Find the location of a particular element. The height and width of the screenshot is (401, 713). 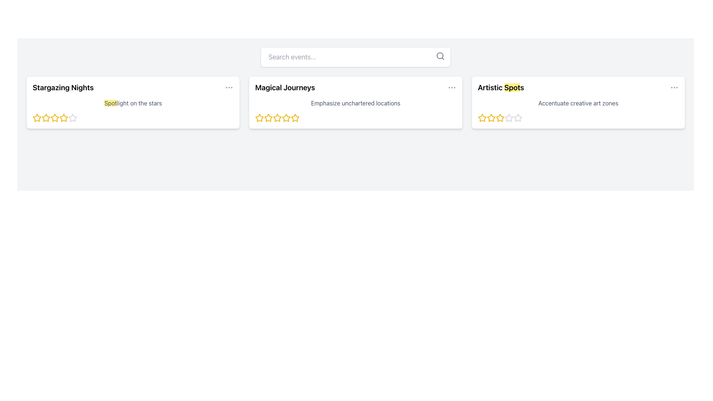

the third star icon in the rating sequence below the 'Stargazing Nights' title is located at coordinates (64, 117).